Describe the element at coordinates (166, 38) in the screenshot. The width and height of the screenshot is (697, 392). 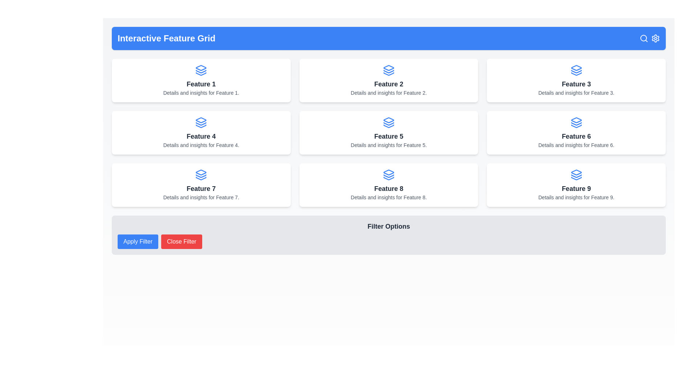
I see `header text 'Interactive Feature Grid' which is displayed in a bold and enlarged font on a blue background, centered at the top of the interface` at that location.